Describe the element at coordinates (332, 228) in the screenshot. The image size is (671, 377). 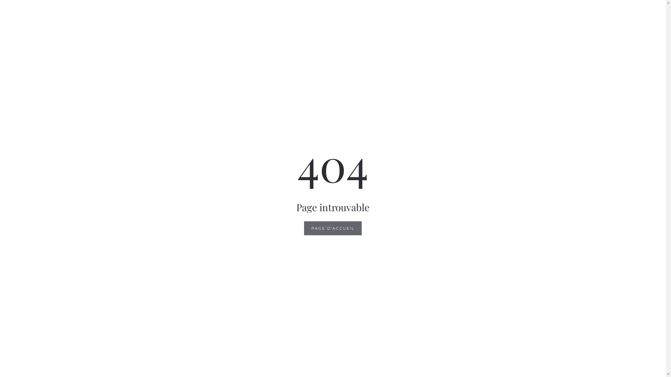
I see `'PAGE D'ACCUEIL'` at that location.